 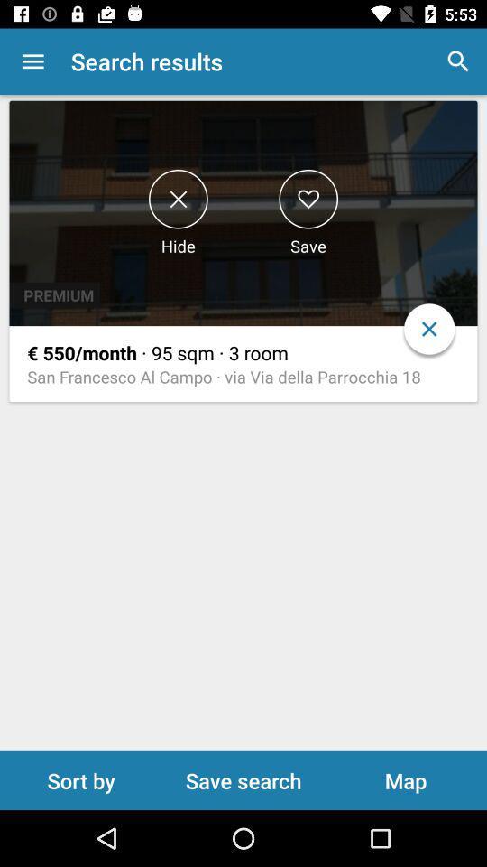 I want to click on the icon to the left of the save search item, so click(x=80, y=779).